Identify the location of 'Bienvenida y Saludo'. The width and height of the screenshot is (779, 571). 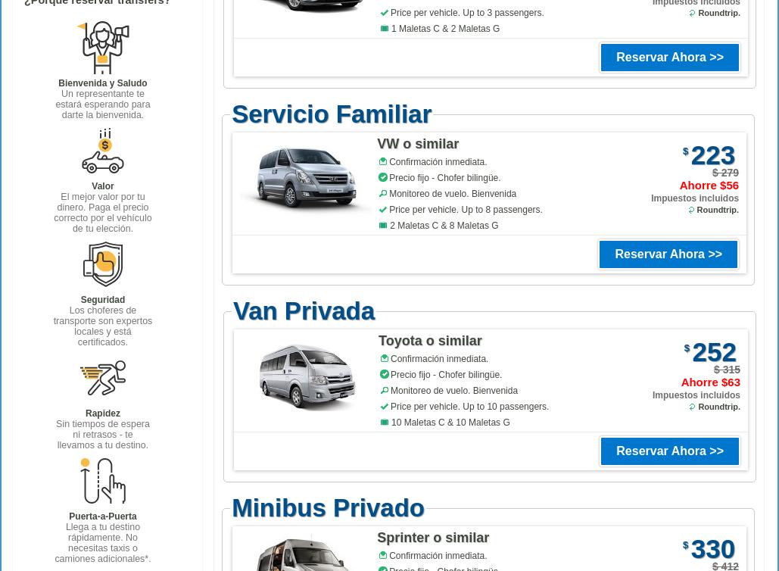
(101, 83).